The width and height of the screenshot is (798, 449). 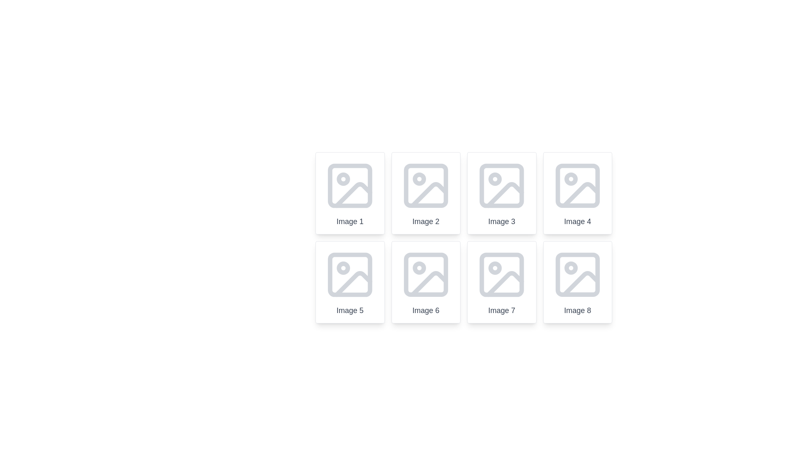 What do you see at coordinates (350, 274) in the screenshot?
I see `SVG shape (Rectangle with rounded corners) that is part of the image placeholder labeled 'Image 5' by clicking on its center point` at bounding box center [350, 274].